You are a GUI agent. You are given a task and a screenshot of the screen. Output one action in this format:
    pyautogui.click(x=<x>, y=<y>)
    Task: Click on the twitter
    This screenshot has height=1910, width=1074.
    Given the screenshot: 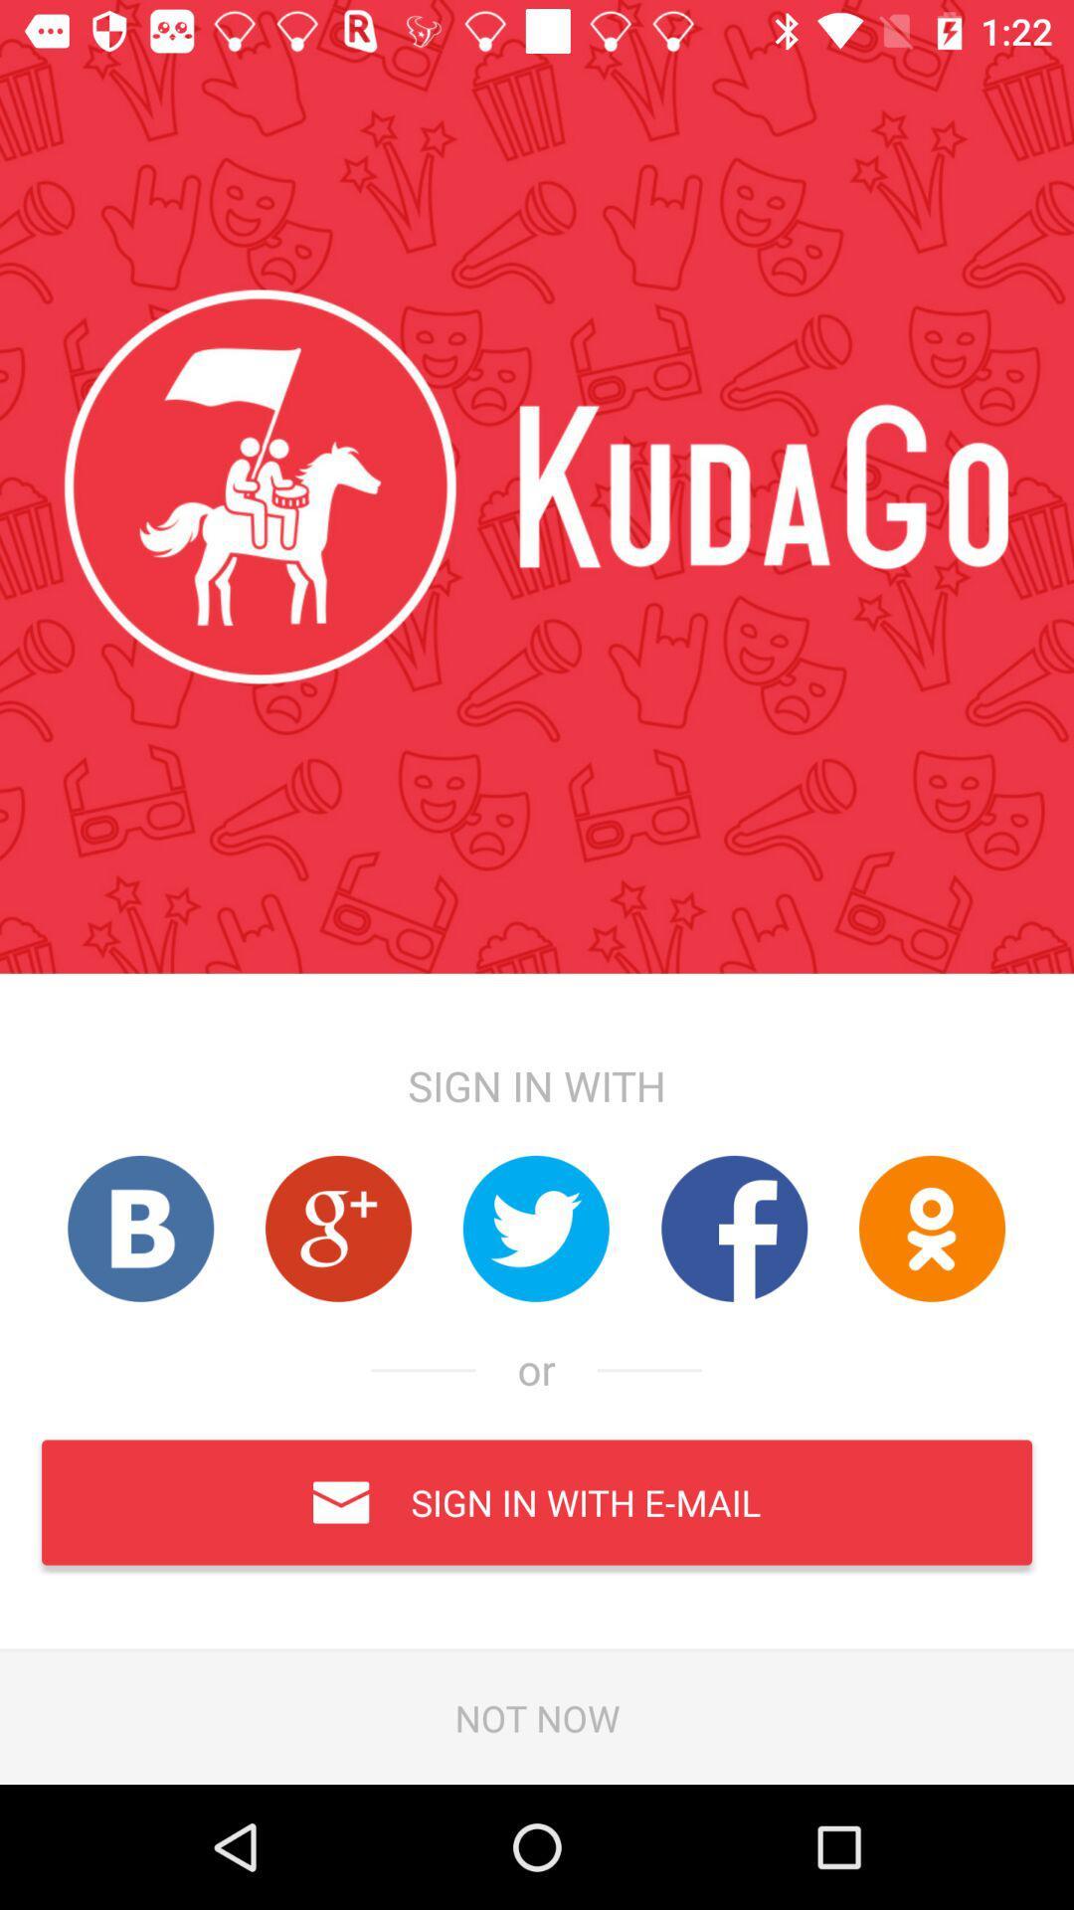 What is the action you would take?
    pyautogui.click(x=535, y=1228)
    